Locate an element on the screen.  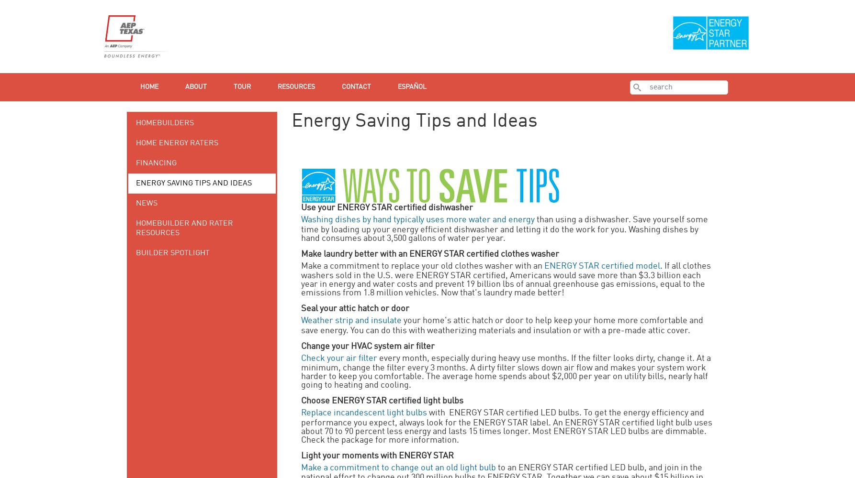
'News' is located at coordinates (146, 204).